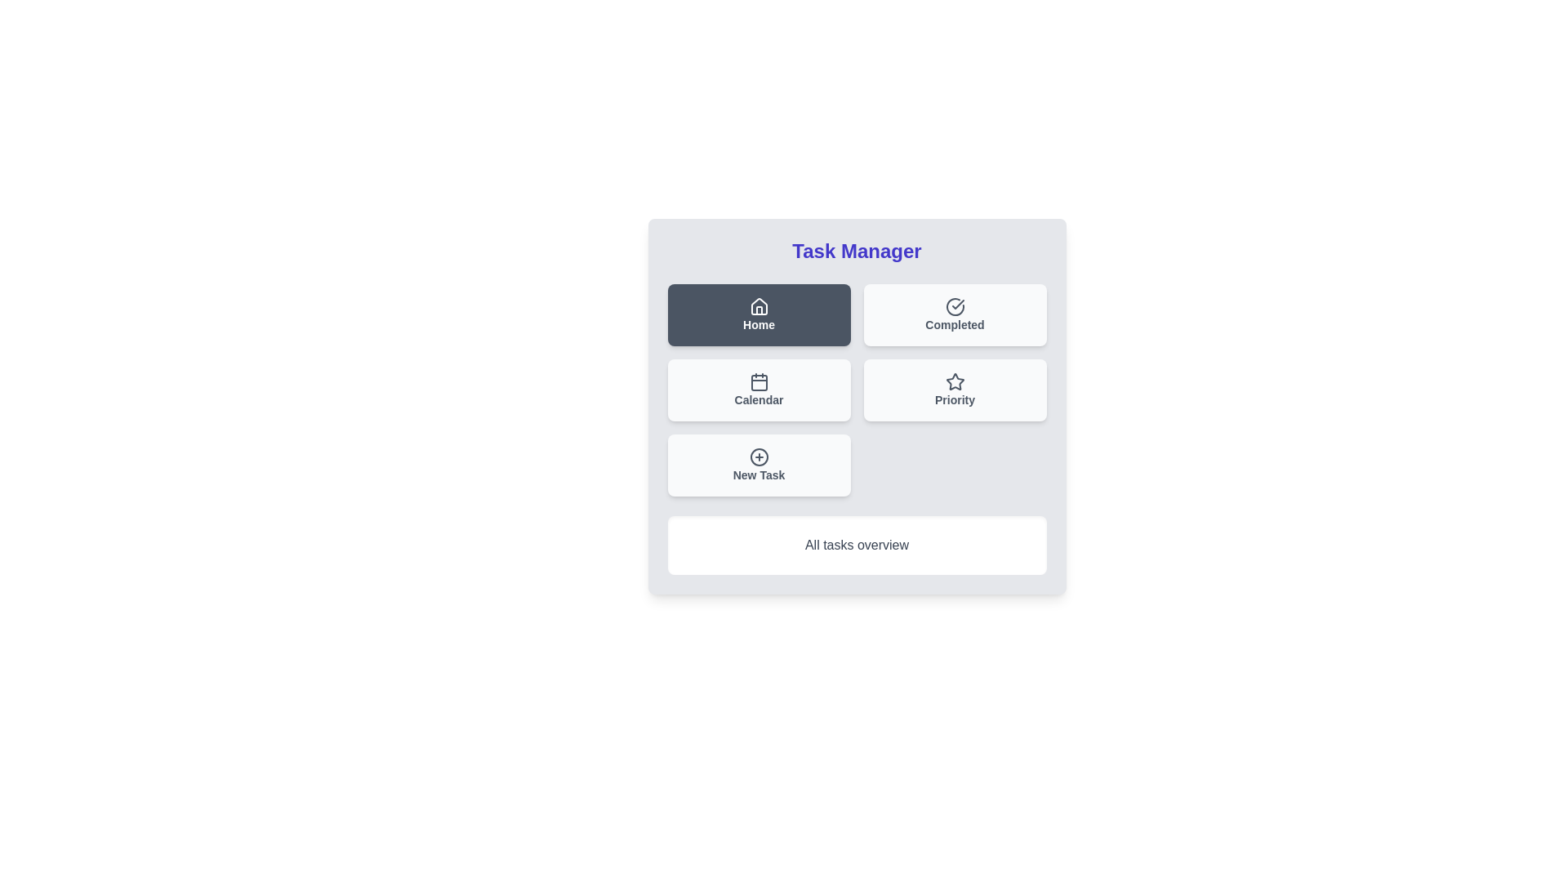 The image size is (1568, 882). I want to click on the rectangular button with rounded corners labeled 'Calendar', featuring a calendar icon above the text, so click(758, 390).